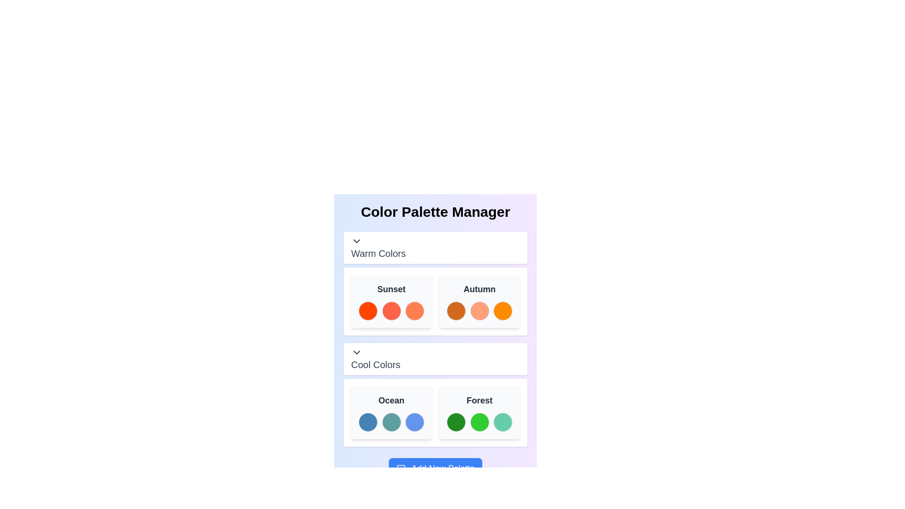  What do you see at coordinates (479, 412) in the screenshot?
I see `the 'Forest' color palette card` at bounding box center [479, 412].